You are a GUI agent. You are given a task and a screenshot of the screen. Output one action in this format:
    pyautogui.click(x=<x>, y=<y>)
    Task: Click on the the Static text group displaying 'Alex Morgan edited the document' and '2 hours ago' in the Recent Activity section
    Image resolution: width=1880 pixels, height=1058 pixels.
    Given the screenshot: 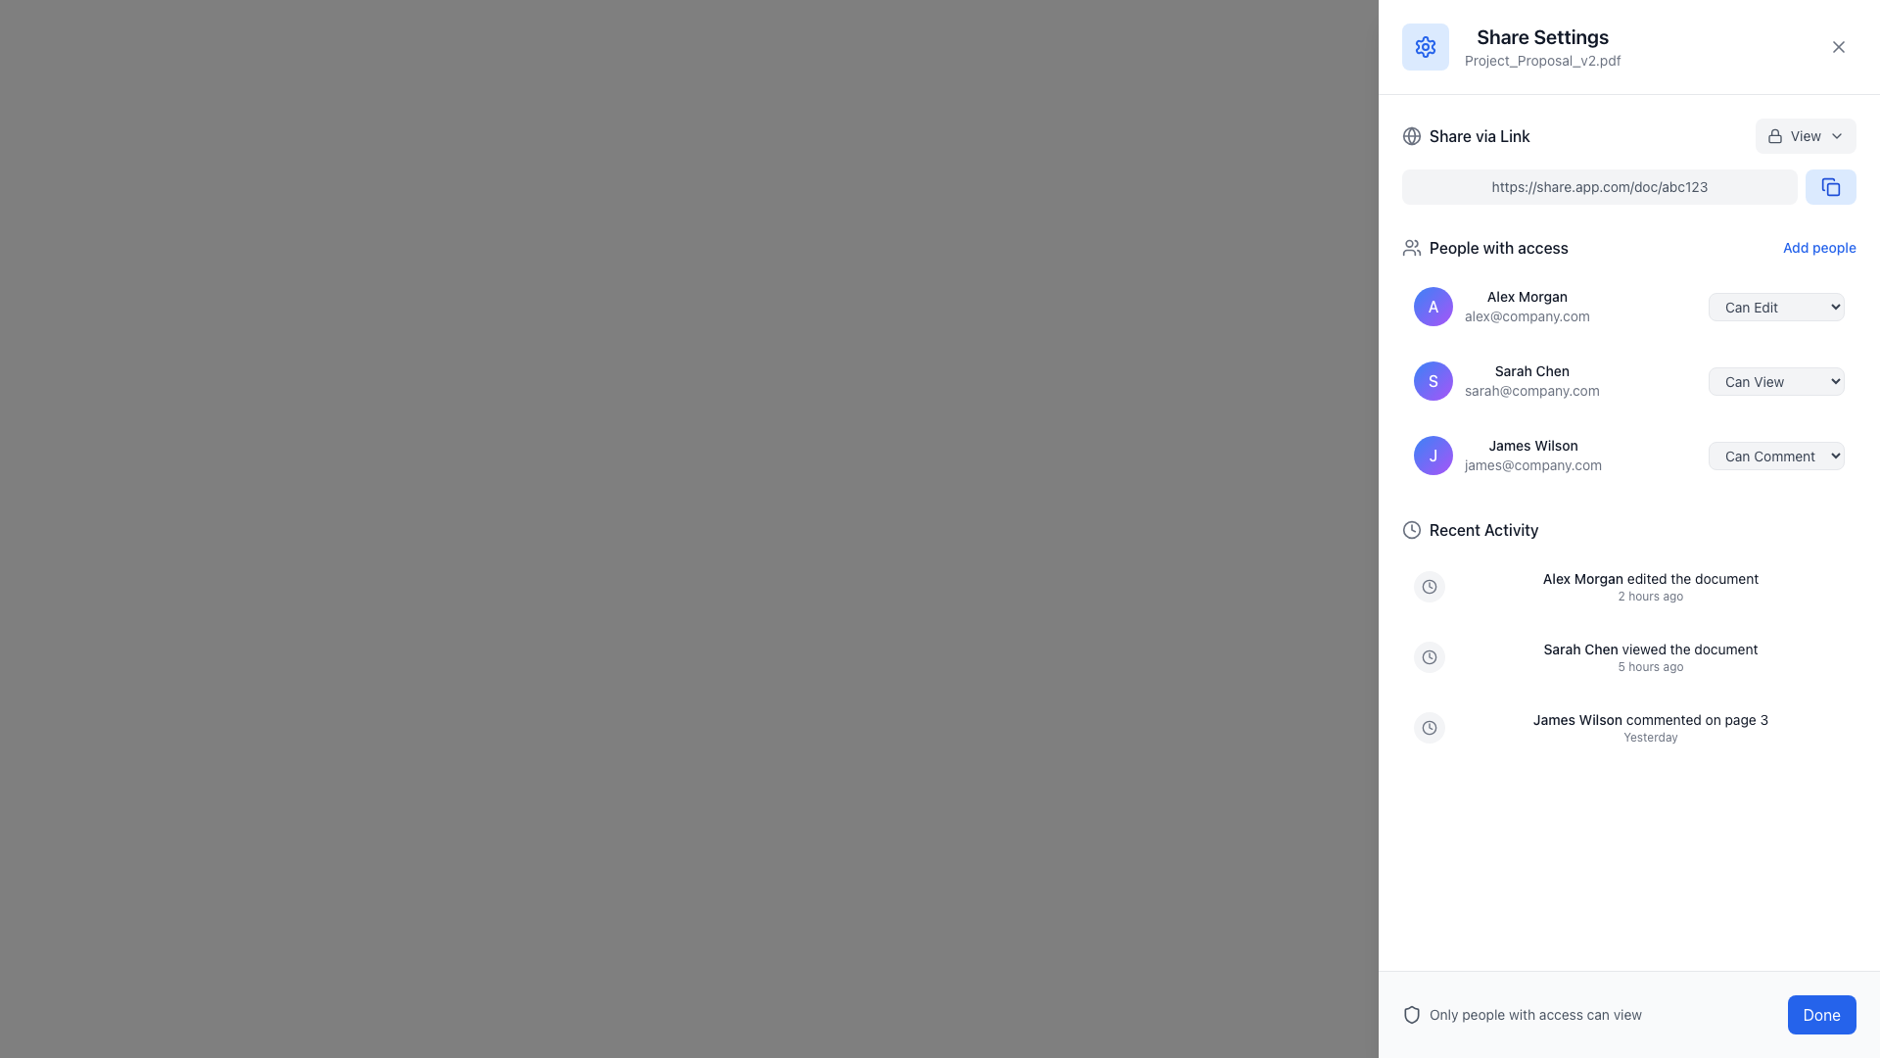 What is the action you would take?
    pyautogui.click(x=1649, y=585)
    